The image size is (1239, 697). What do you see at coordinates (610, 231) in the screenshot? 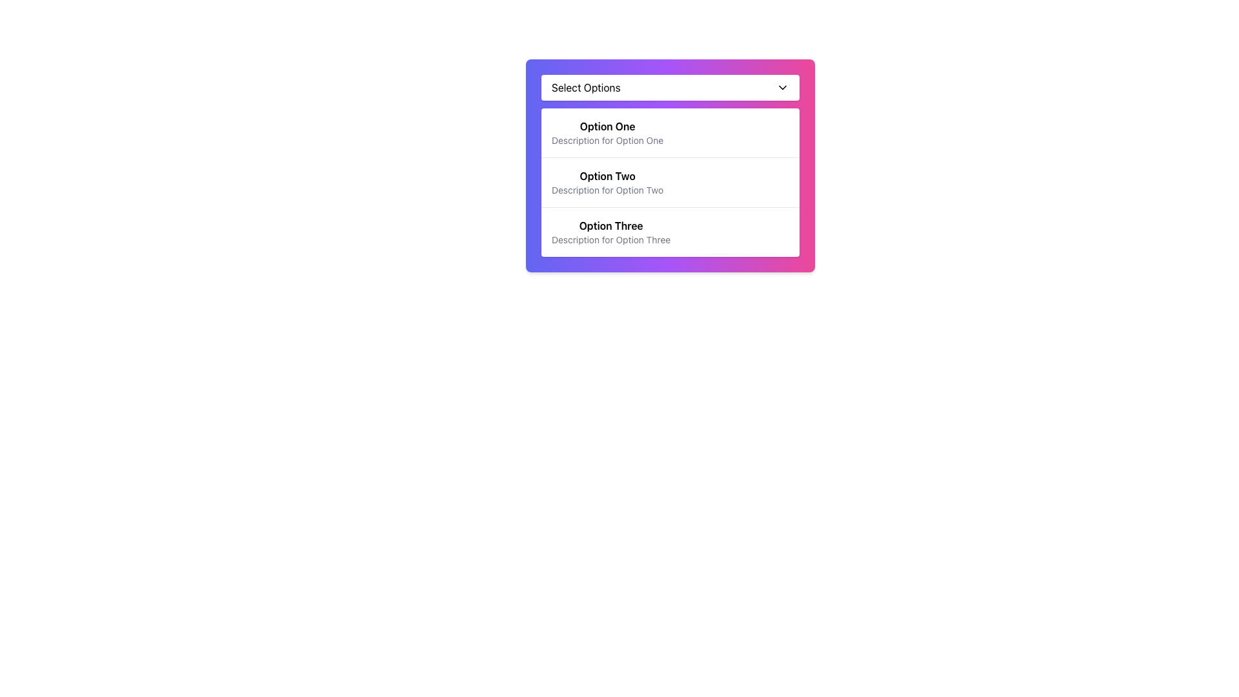
I see `the third selectable option in the dropdown menu` at bounding box center [610, 231].